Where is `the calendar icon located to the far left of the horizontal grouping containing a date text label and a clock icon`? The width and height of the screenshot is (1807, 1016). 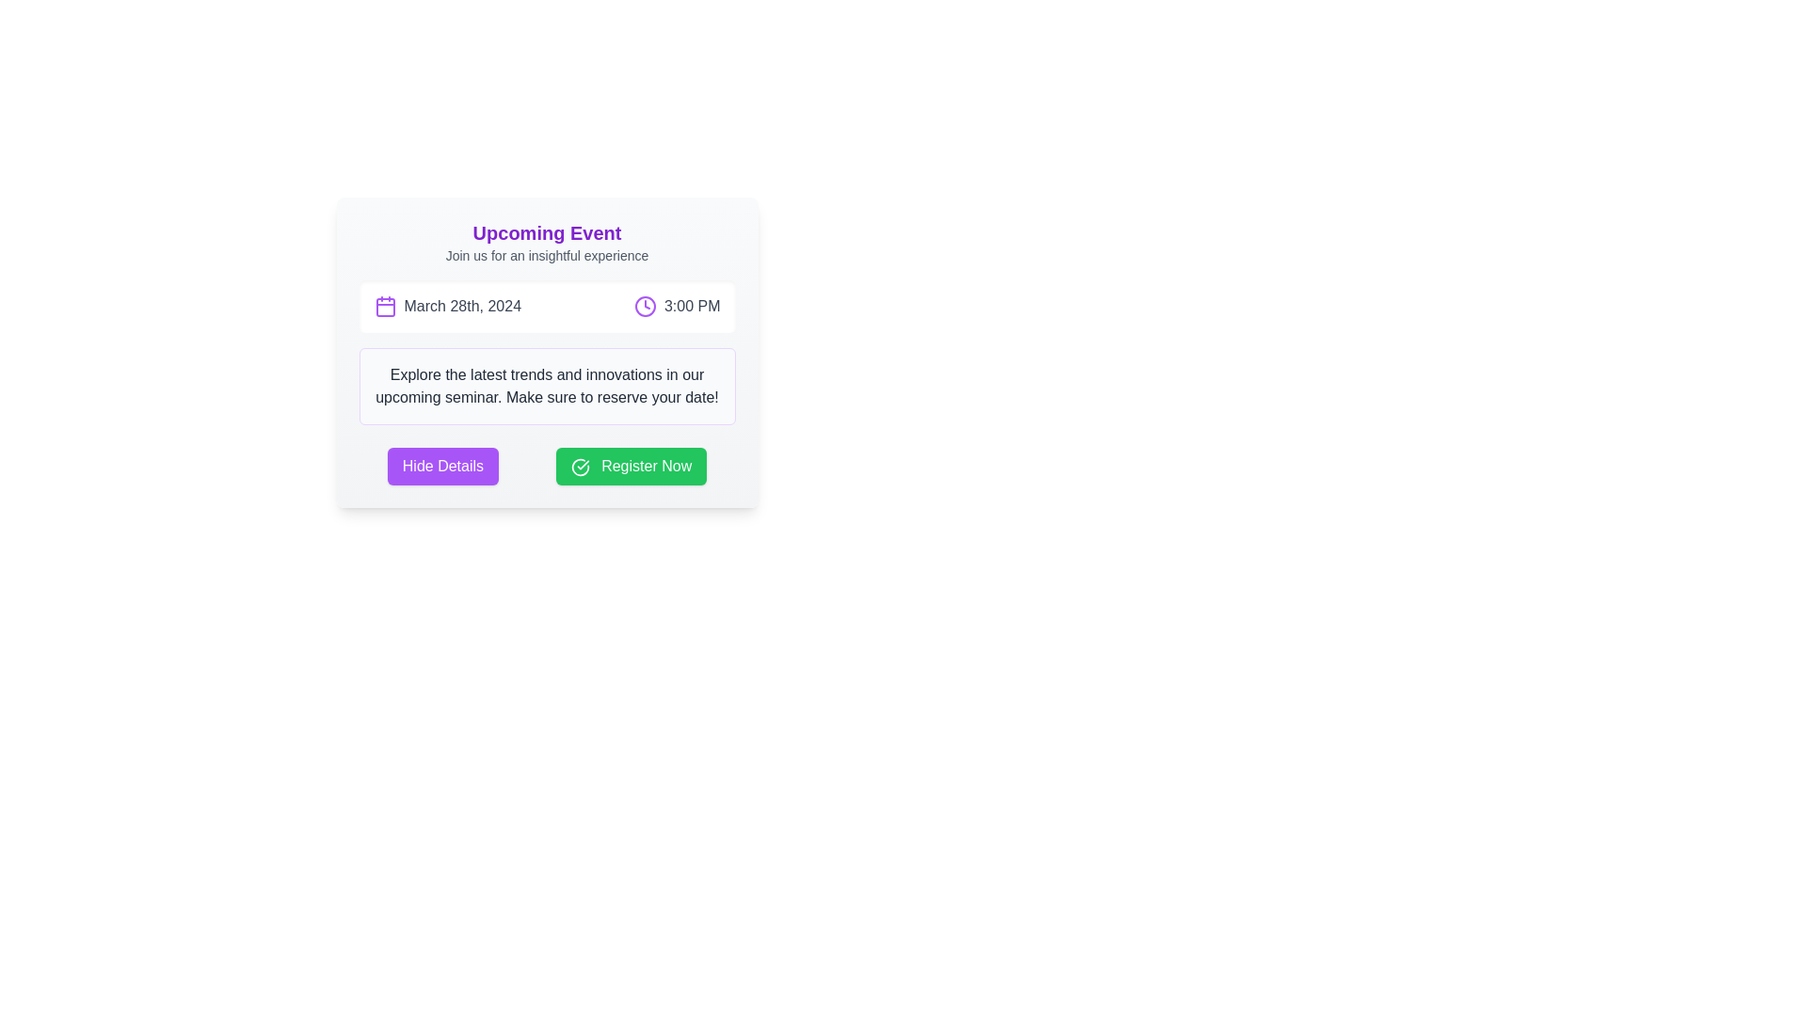 the calendar icon located to the far left of the horizontal grouping containing a date text label and a clock icon is located at coordinates (384, 306).